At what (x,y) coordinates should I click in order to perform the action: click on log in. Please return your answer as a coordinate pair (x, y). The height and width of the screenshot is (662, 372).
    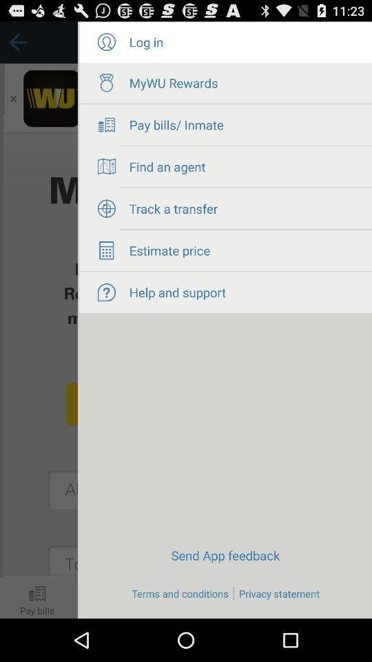
    Looking at the image, I should click on (105, 42).